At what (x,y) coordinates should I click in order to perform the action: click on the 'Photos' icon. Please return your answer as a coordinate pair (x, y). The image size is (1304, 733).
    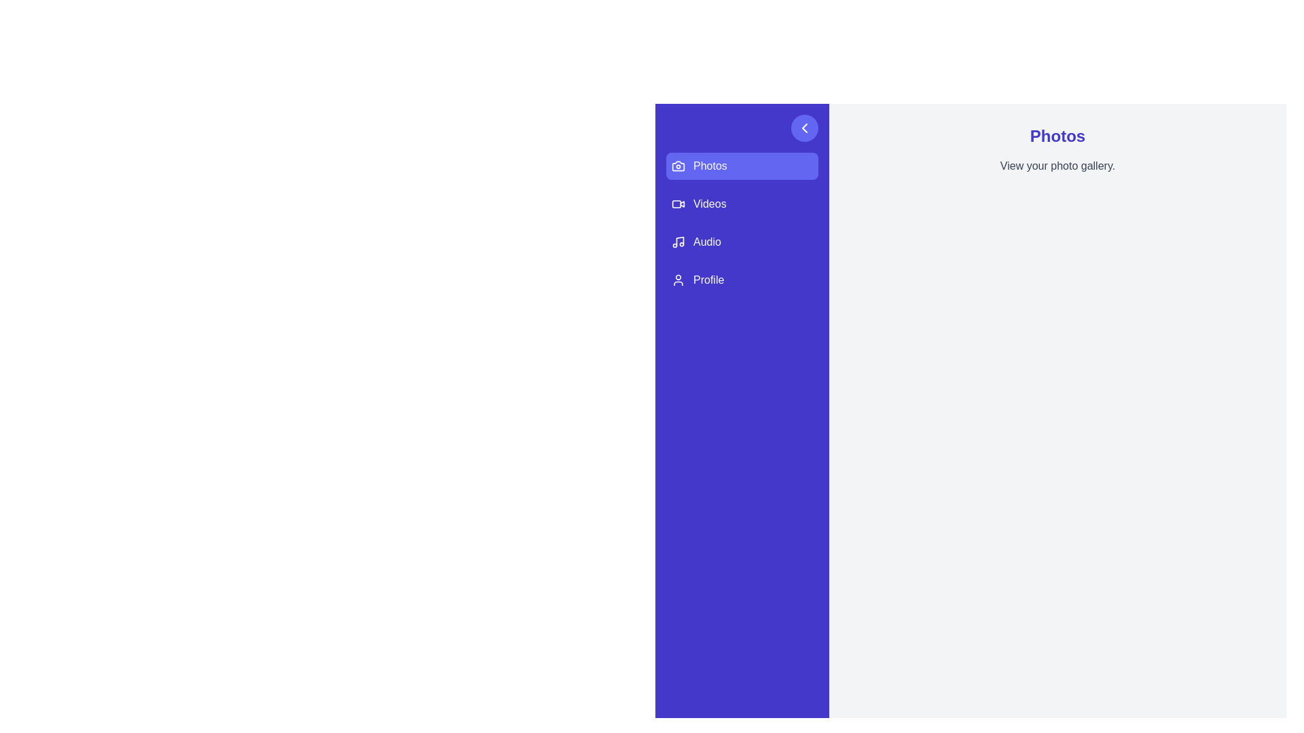
    Looking at the image, I should click on (678, 166).